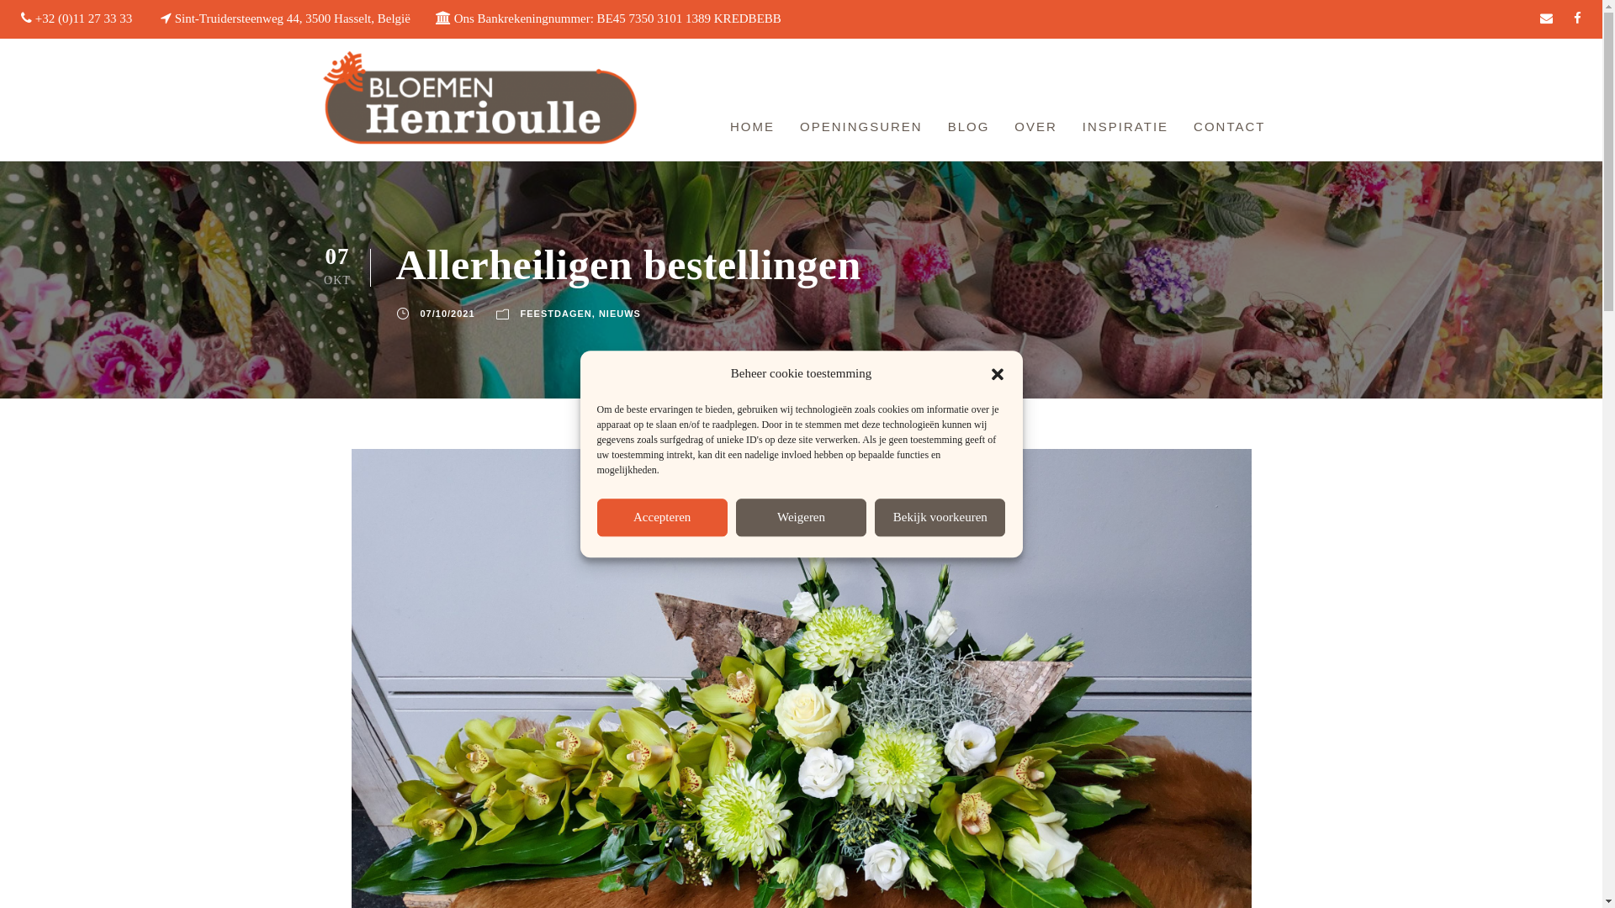 Image resolution: width=1615 pixels, height=908 pixels. What do you see at coordinates (969, 129) in the screenshot?
I see `'BLOG'` at bounding box center [969, 129].